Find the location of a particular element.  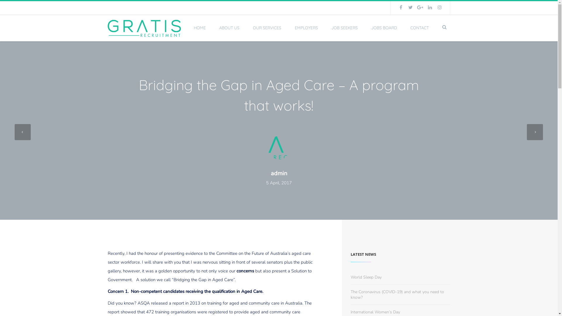

'CONTACT' is located at coordinates (419, 28).